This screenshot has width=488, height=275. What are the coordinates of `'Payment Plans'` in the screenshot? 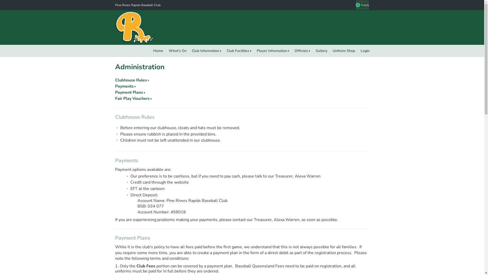 It's located at (130, 92).